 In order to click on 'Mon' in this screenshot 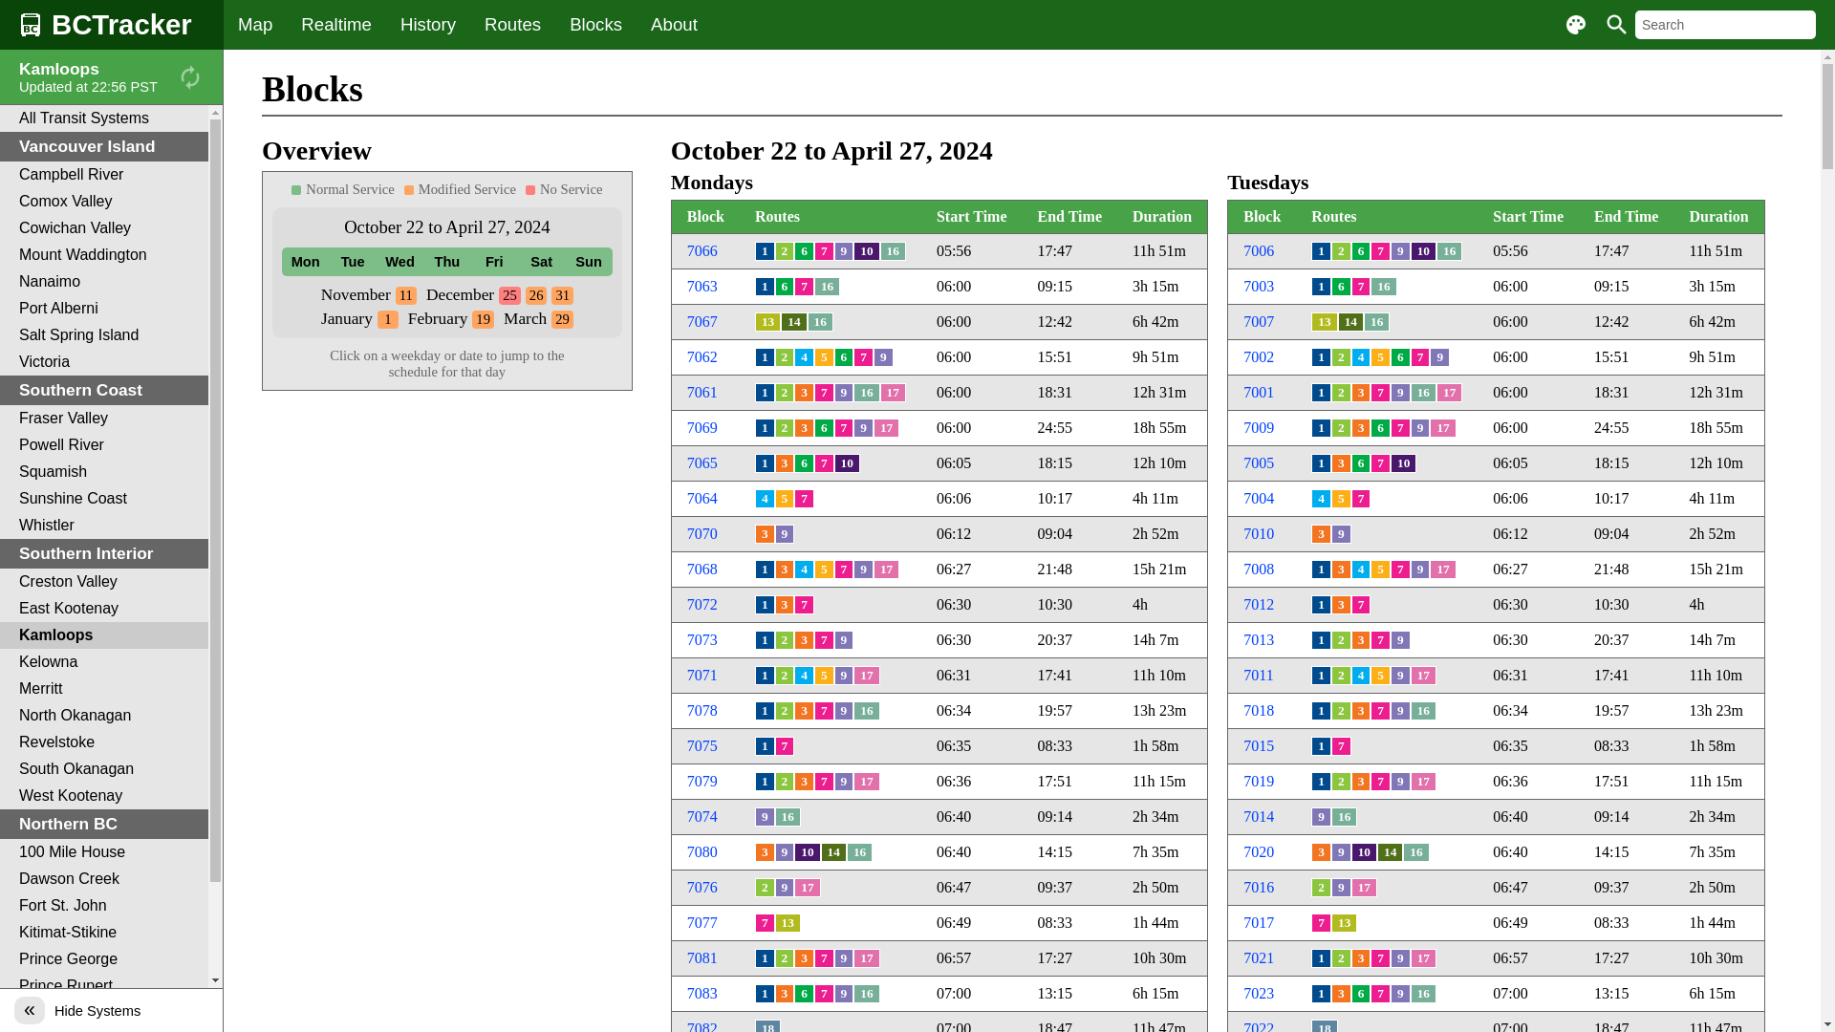, I will do `click(304, 261)`.